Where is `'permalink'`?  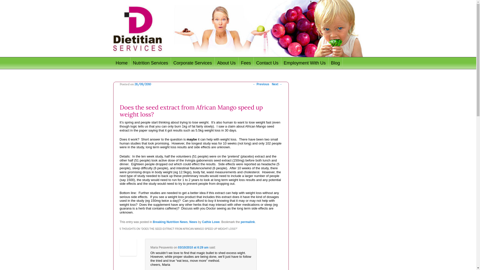 'permalink' is located at coordinates (248, 221).